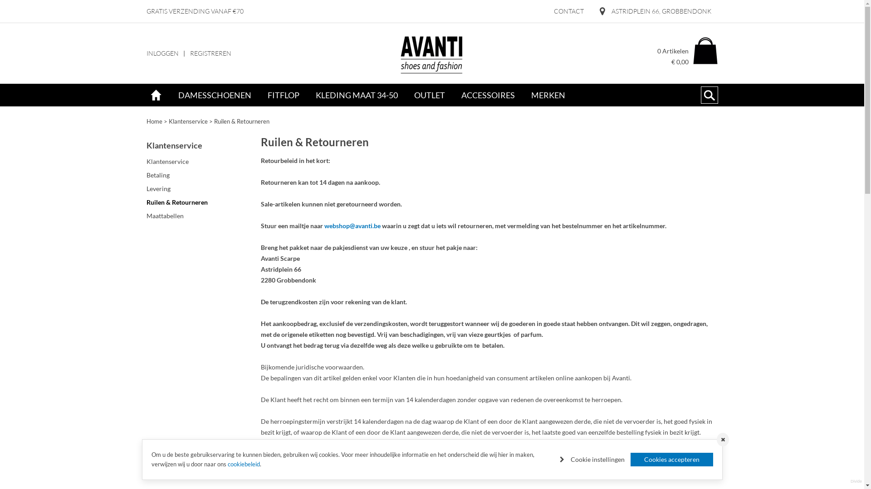 The width and height of the screenshot is (871, 489). Describe the element at coordinates (405, 95) in the screenshot. I see `'OUTLET'` at that location.